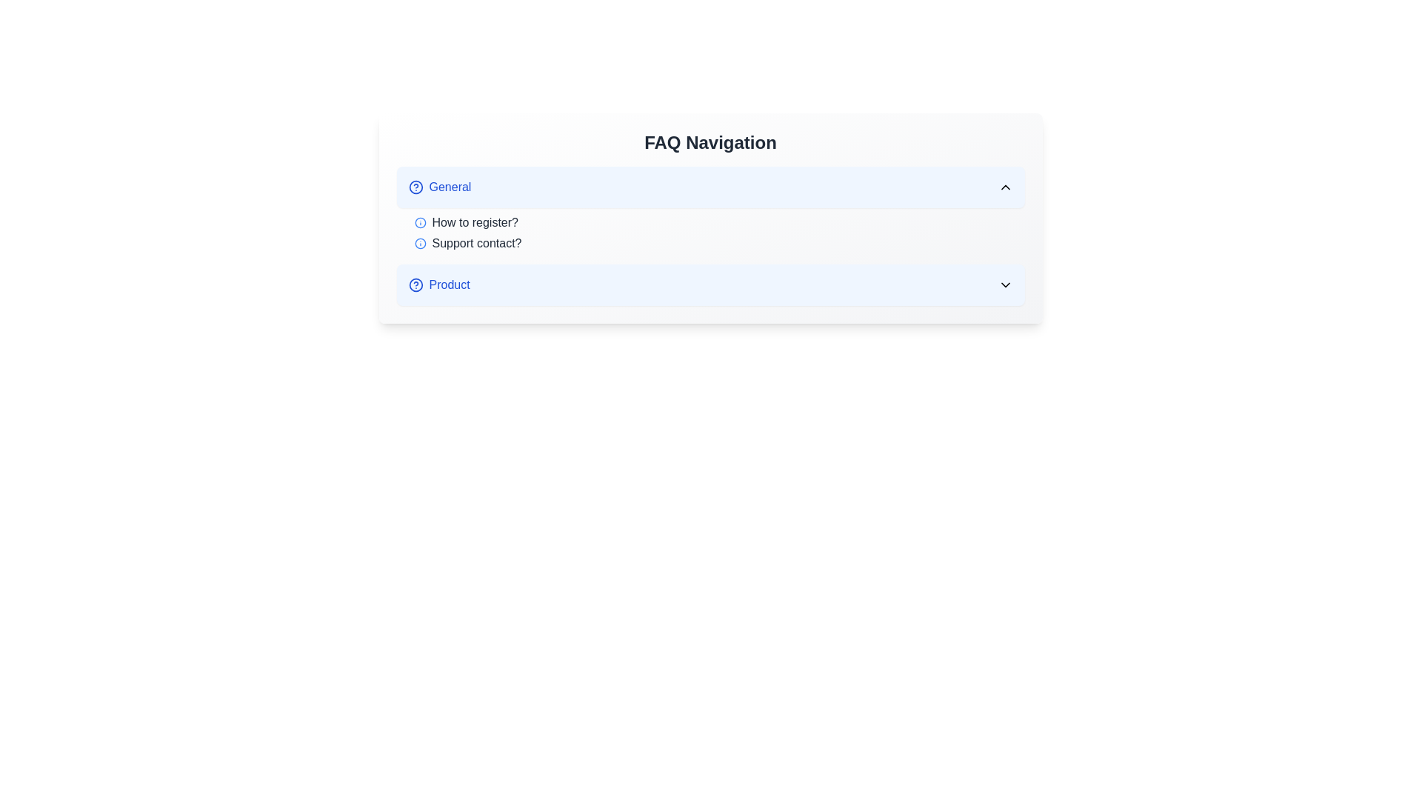 This screenshot has width=1422, height=800. Describe the element at coordinates (719, 242) in the screenshot. I see `the second hyperlink` at that location.